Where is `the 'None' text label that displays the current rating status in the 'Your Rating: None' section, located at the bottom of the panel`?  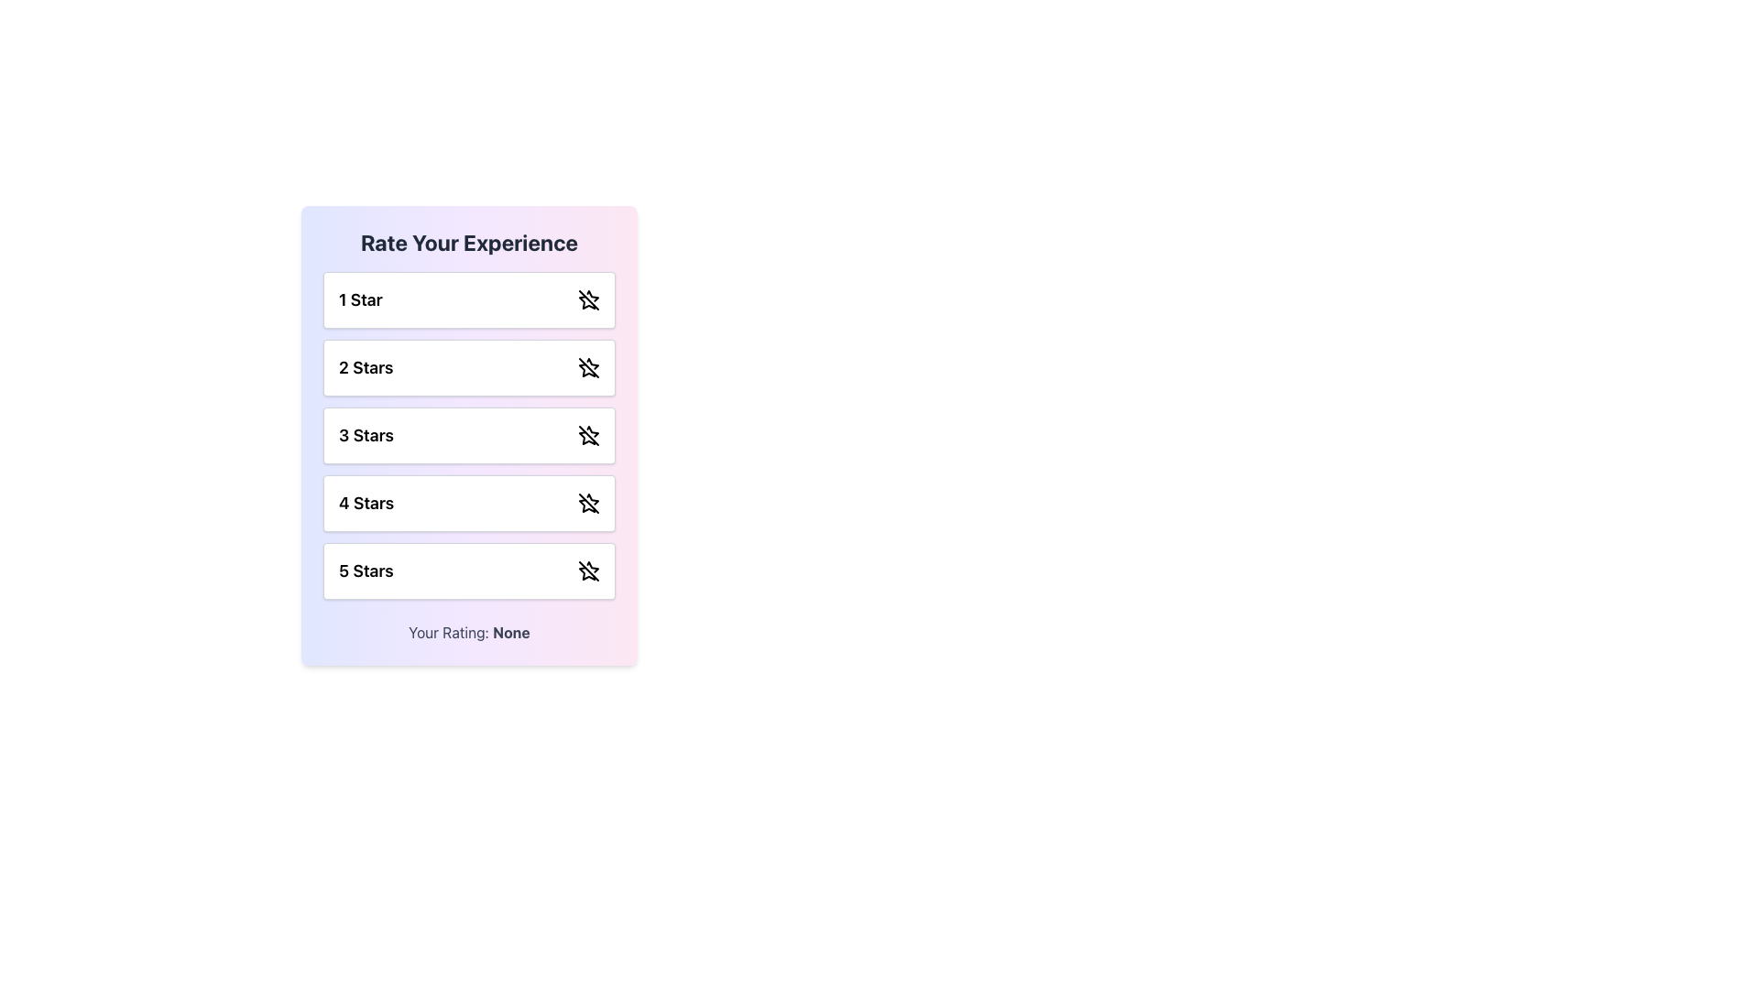
the 'None' text label that displays the current rating status in the 'Your Rating: None' section, located at the bottom of the panel is located at coordinates (511, 631).